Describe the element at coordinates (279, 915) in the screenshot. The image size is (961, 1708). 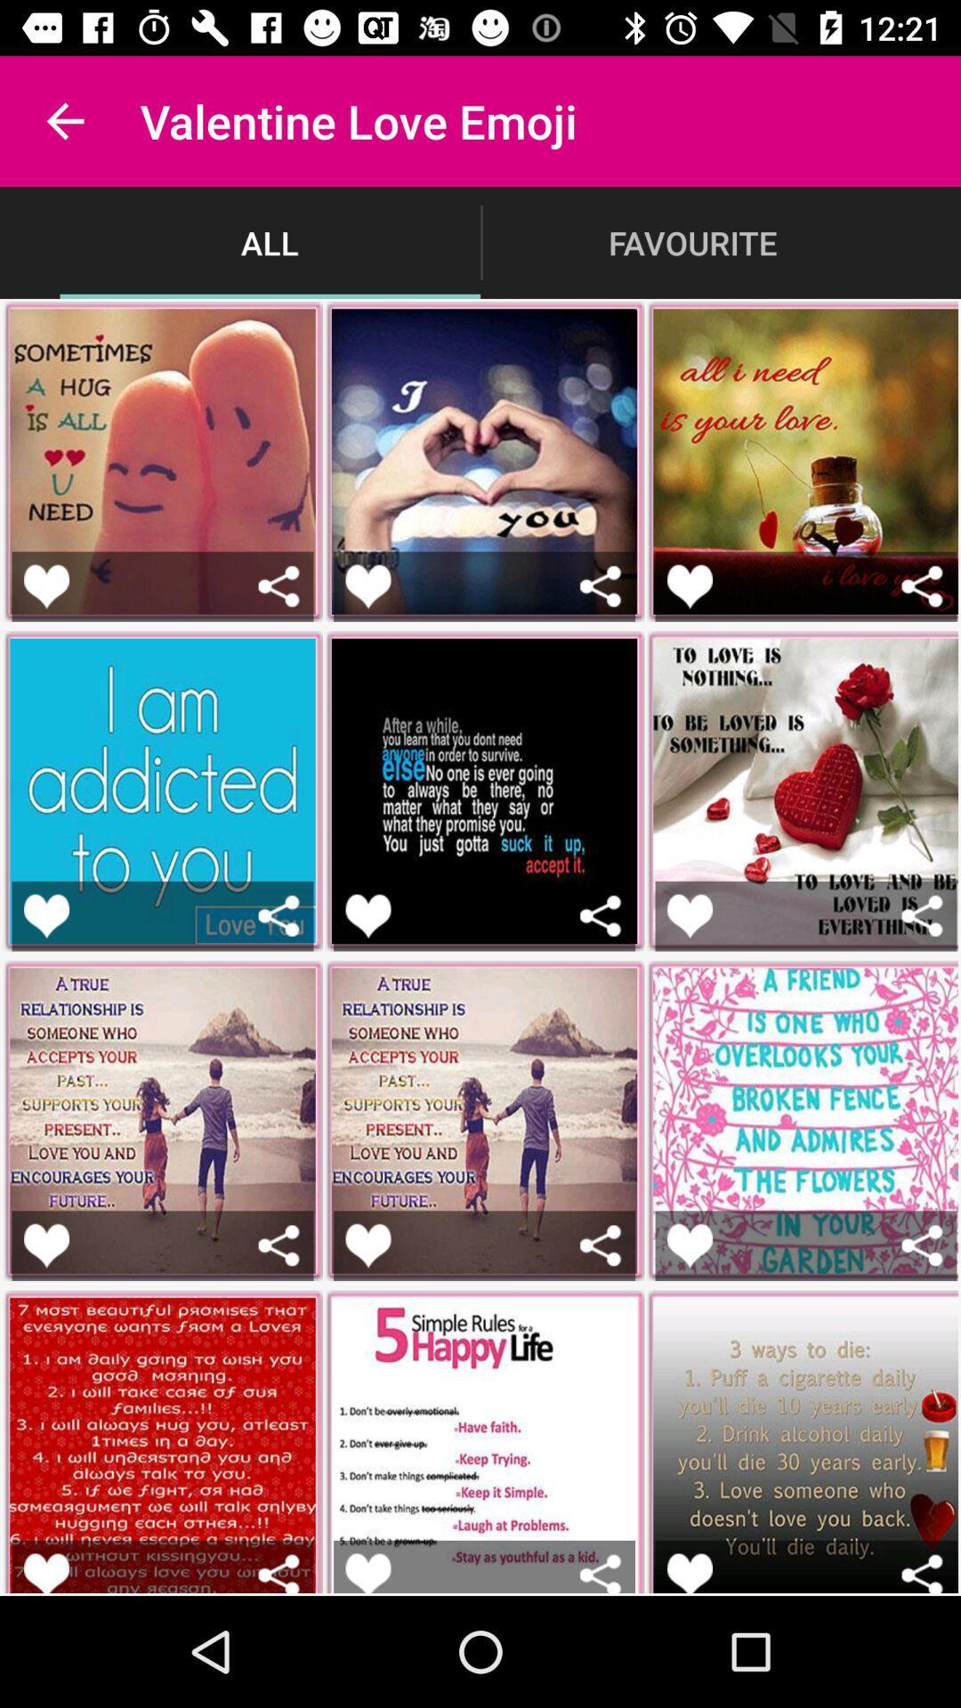
I see `share emoji` at that location.